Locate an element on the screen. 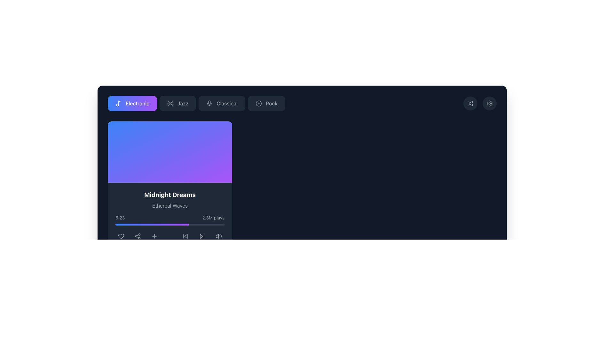 This screenshot has width=614, height=345. the circular graphical icon within the 'Rock' button, which is the fourth button in the row of options at the top-center of the interface is located at coordinates (258, 103).